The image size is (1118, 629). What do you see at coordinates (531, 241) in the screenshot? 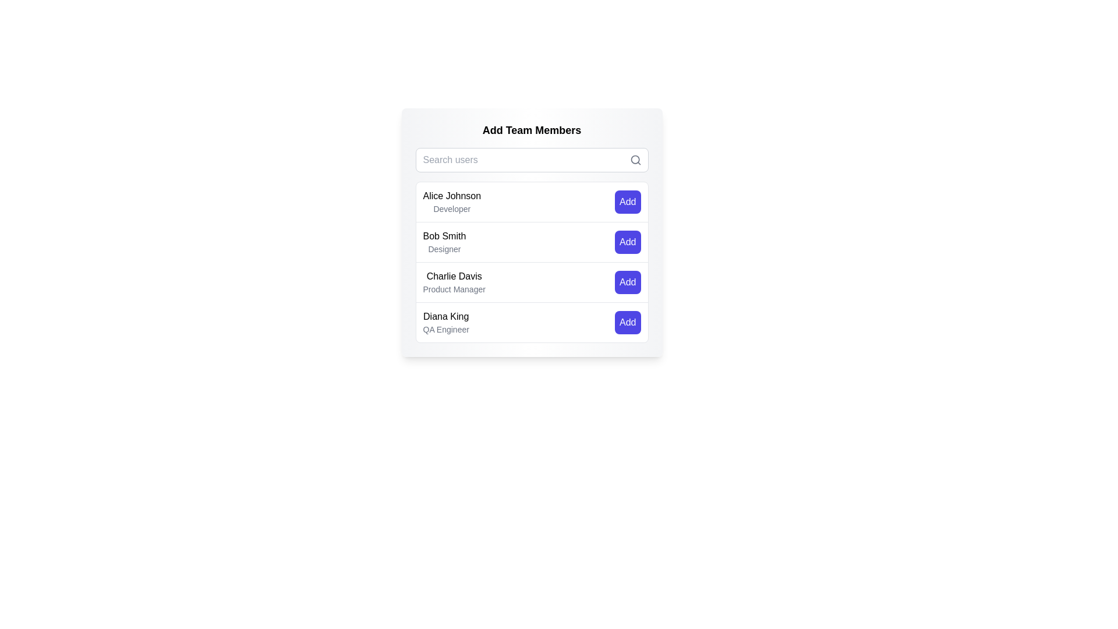
I see `or copy the text of the list item representing the team member 'Bob Smith, Designer' by interacting with the element` at bounding box center [531, 241].